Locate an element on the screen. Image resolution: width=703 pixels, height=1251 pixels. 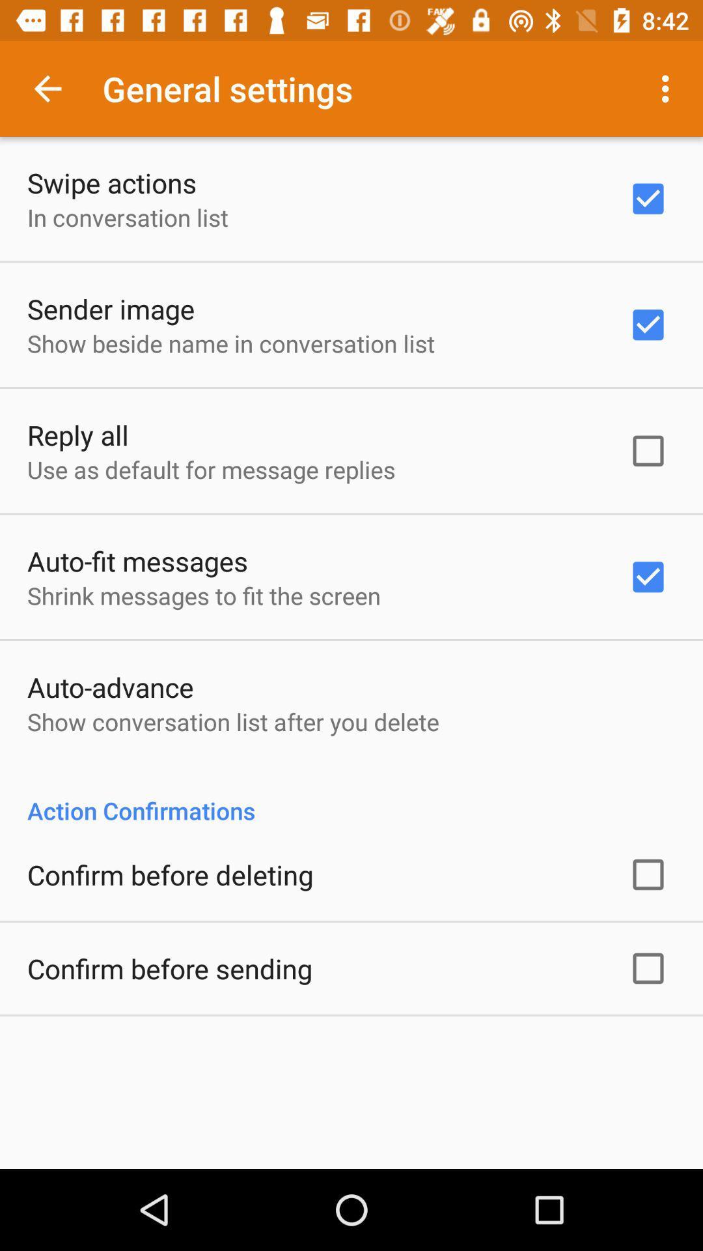
icon below sender image item is located at coordinates (230, 343).